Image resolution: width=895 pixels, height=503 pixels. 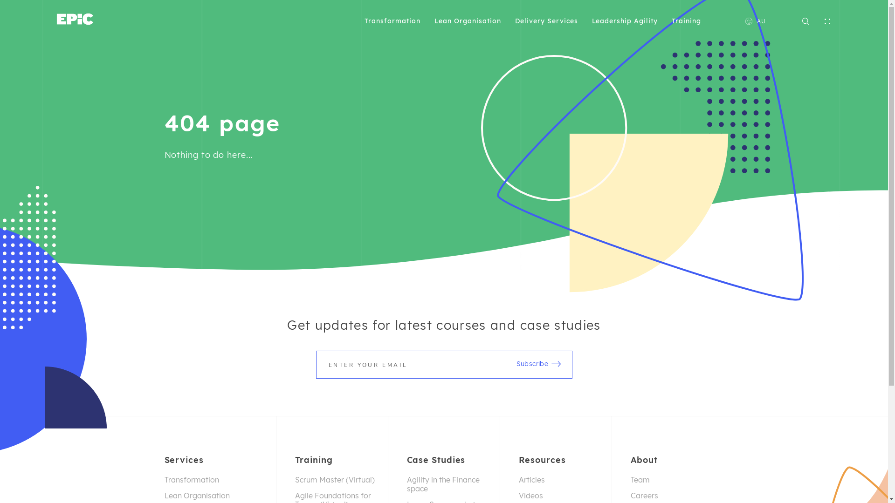 What do you see at coordinates (563, 495) in the screenshot?
I see `'Videos'` at bounding box center [563, 495].